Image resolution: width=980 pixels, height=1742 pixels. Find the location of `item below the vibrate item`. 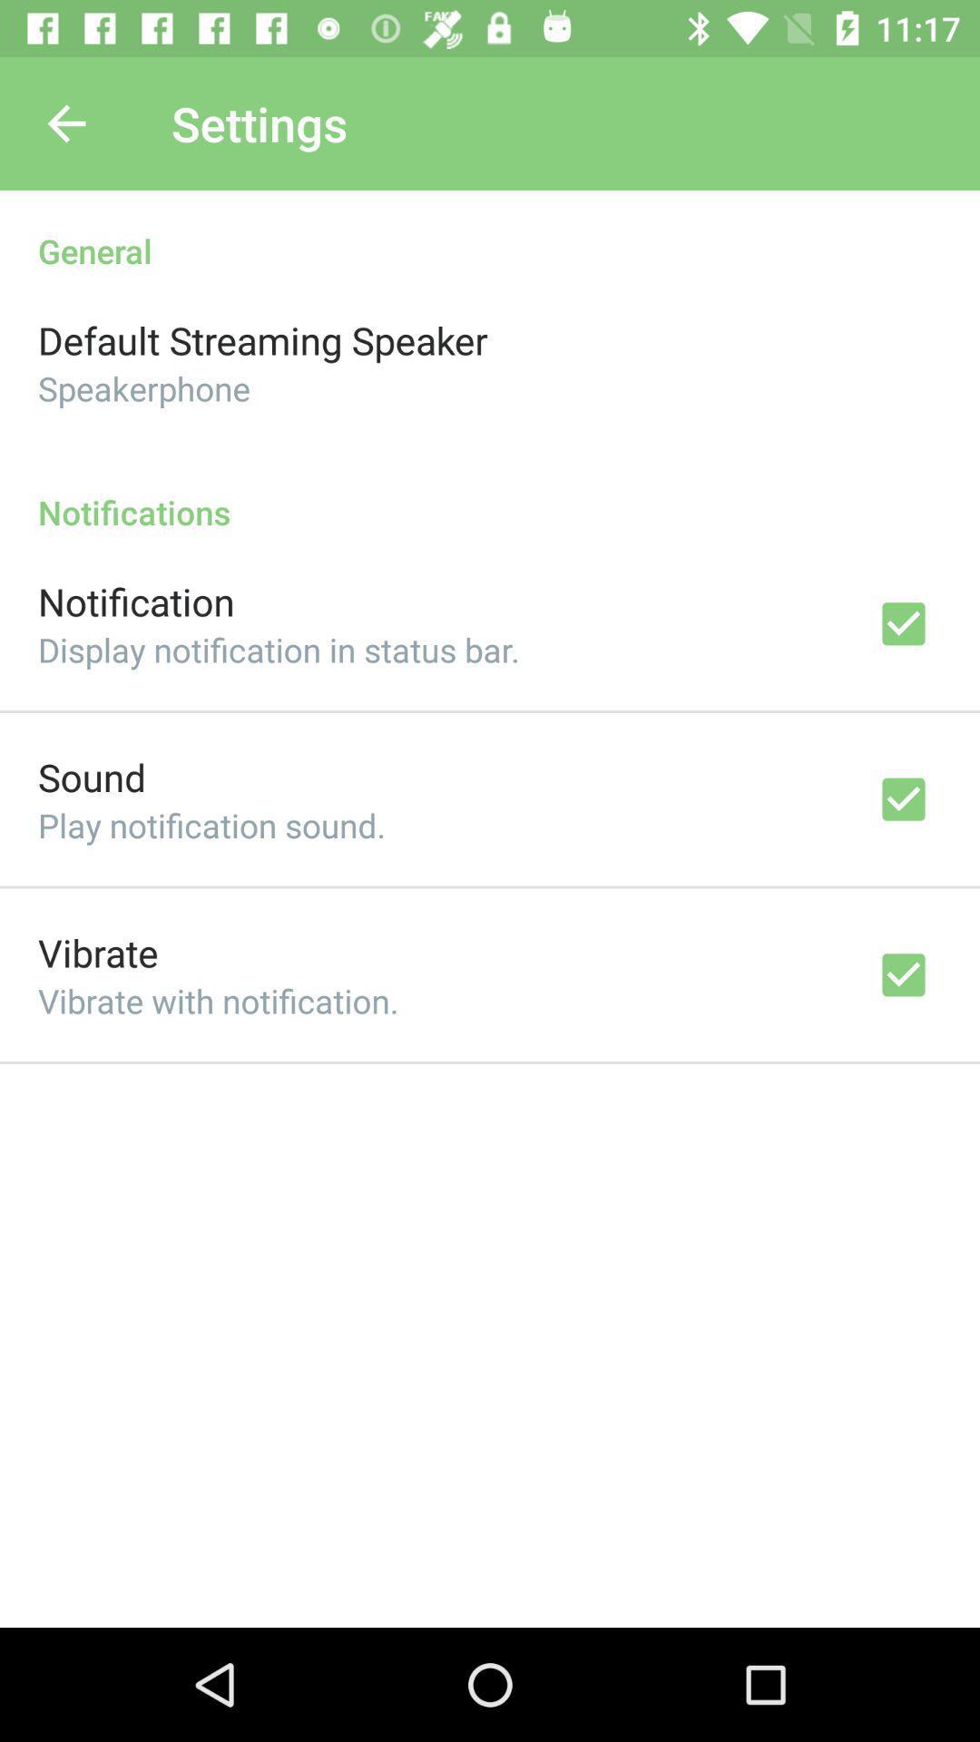

item below the vibrate item is located at coordinates (217, 1000).